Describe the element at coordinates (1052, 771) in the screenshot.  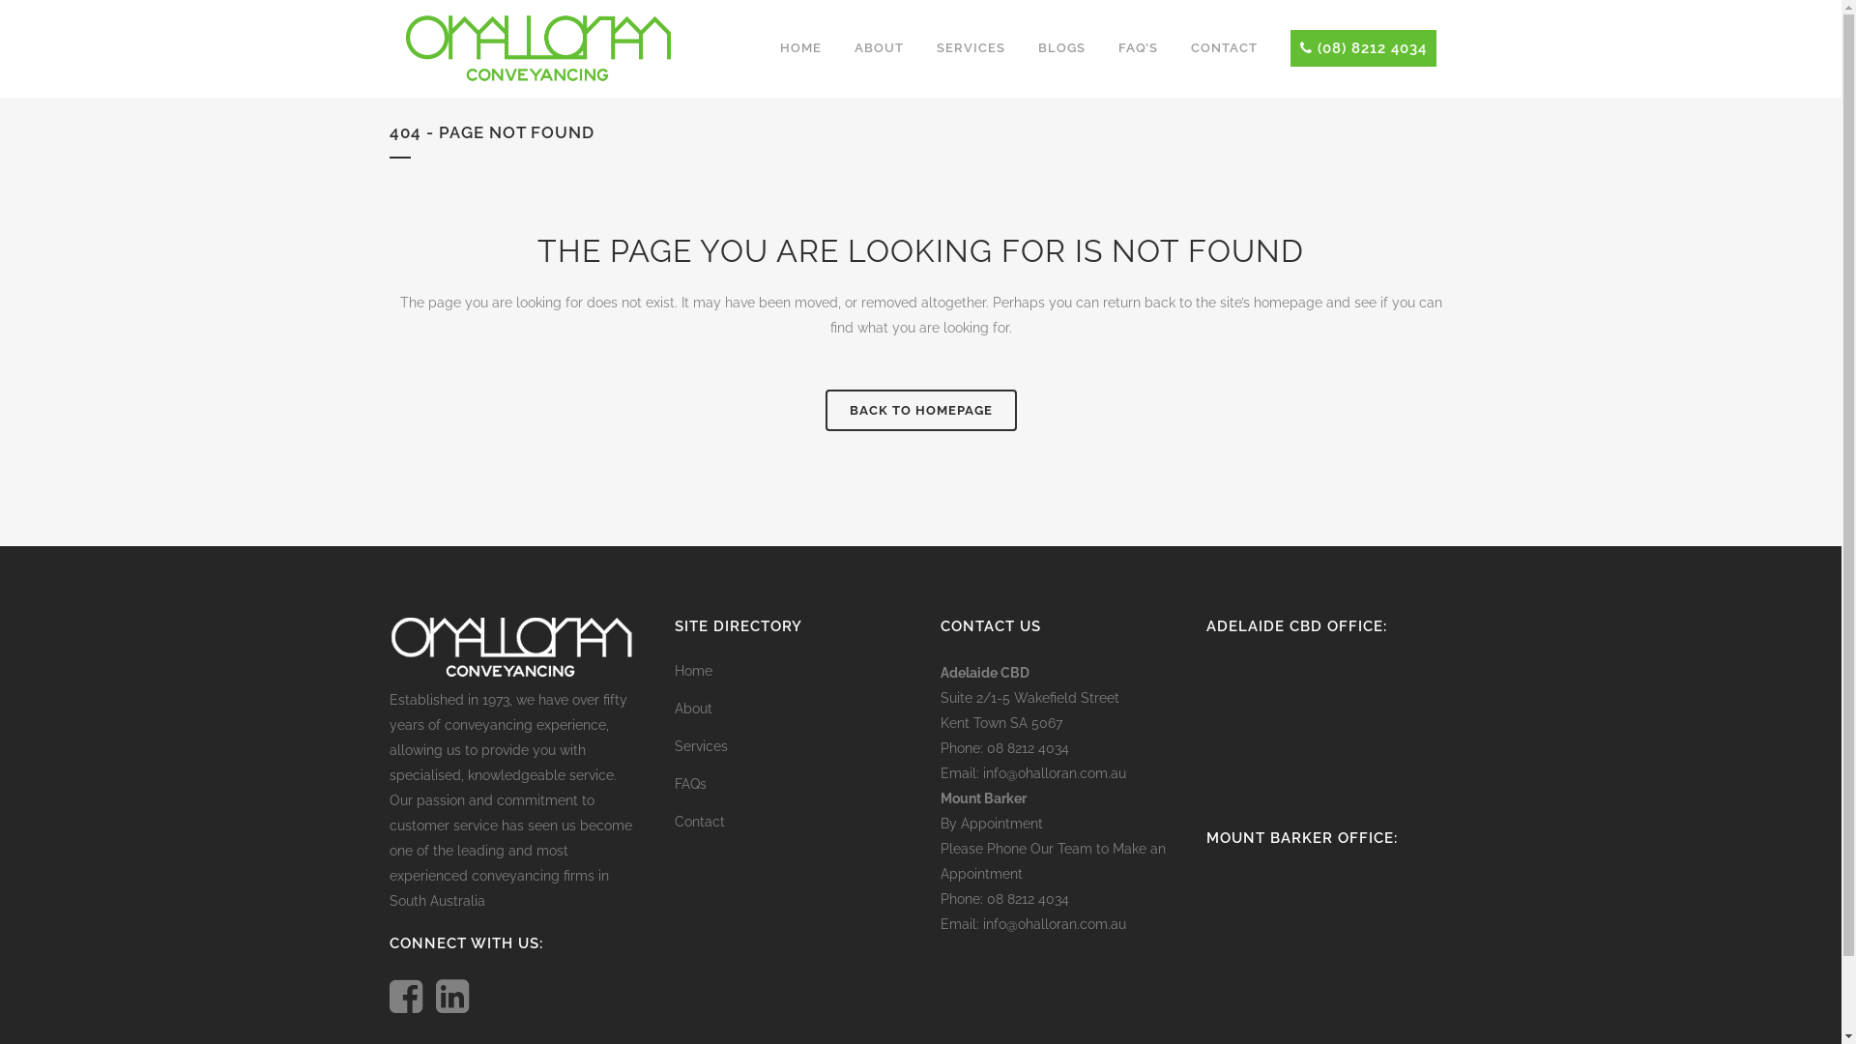
I see `'info@ohalloran.com.au'` at that location.